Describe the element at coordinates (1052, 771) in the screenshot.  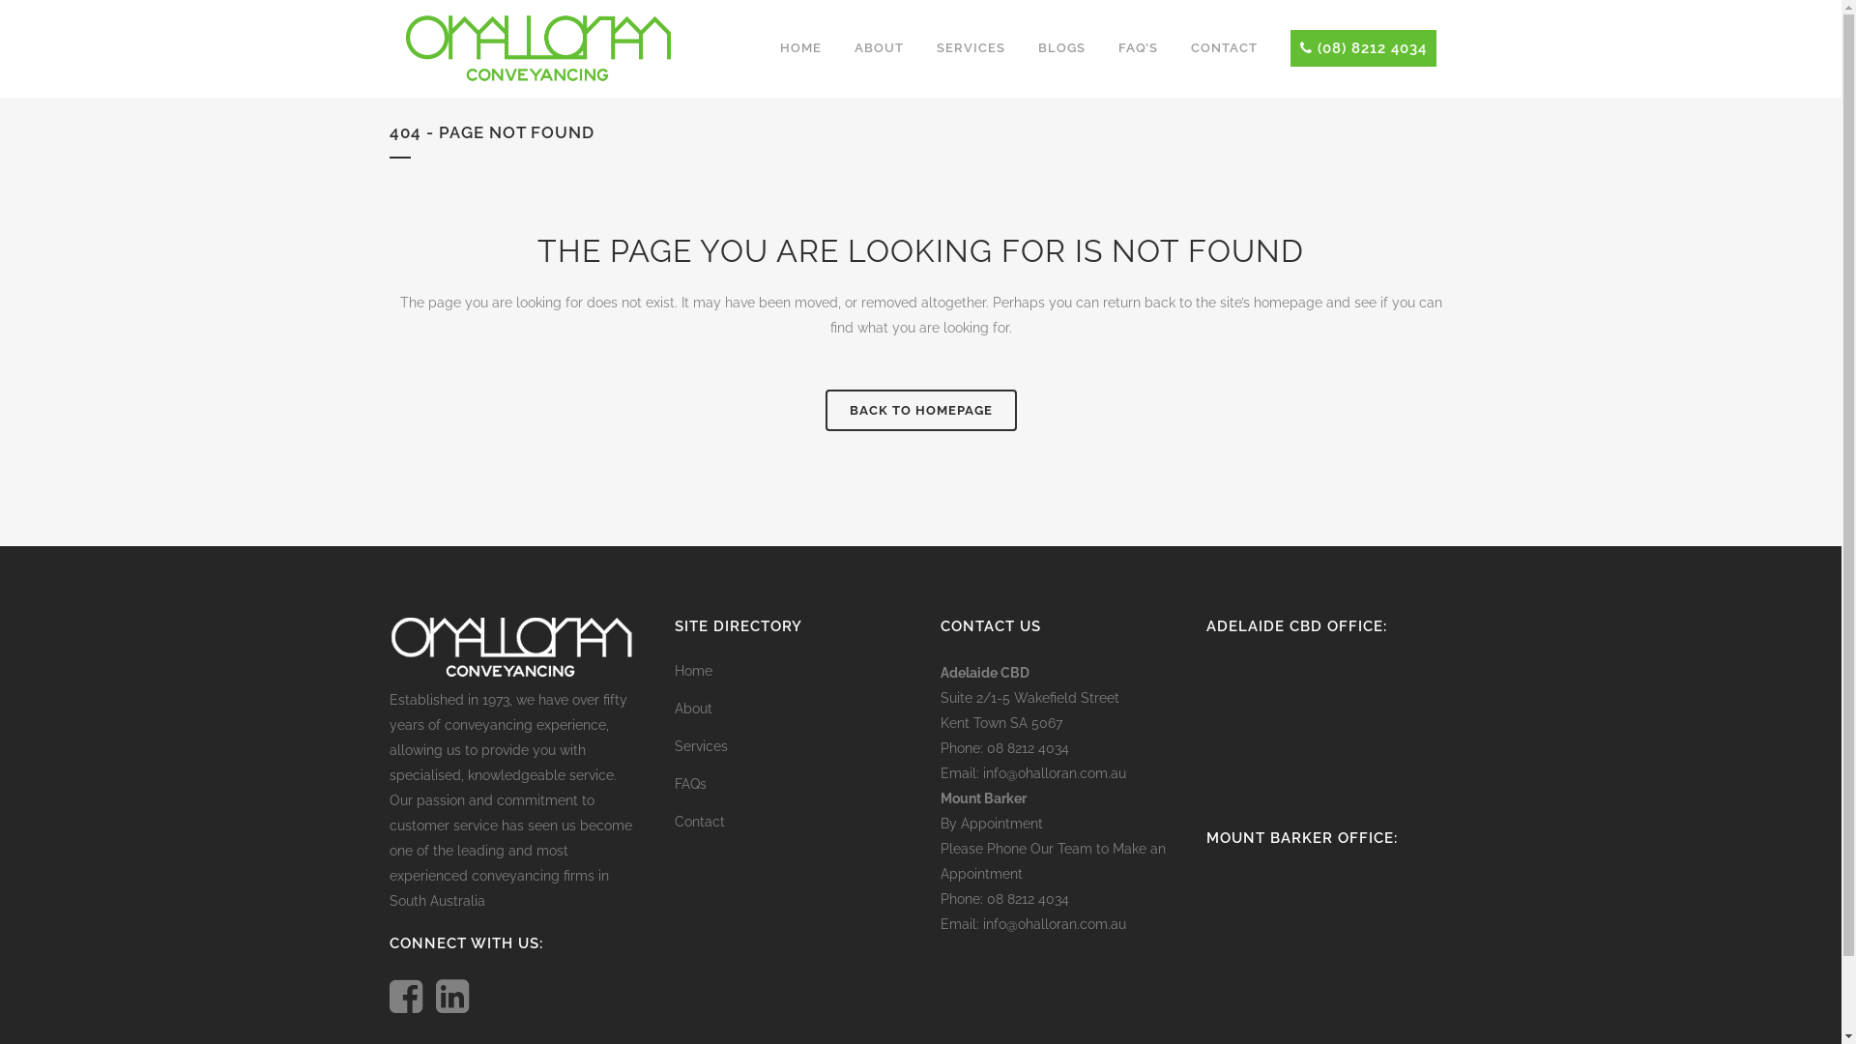
I see `'info@ohalloran.com.au'` at that location.